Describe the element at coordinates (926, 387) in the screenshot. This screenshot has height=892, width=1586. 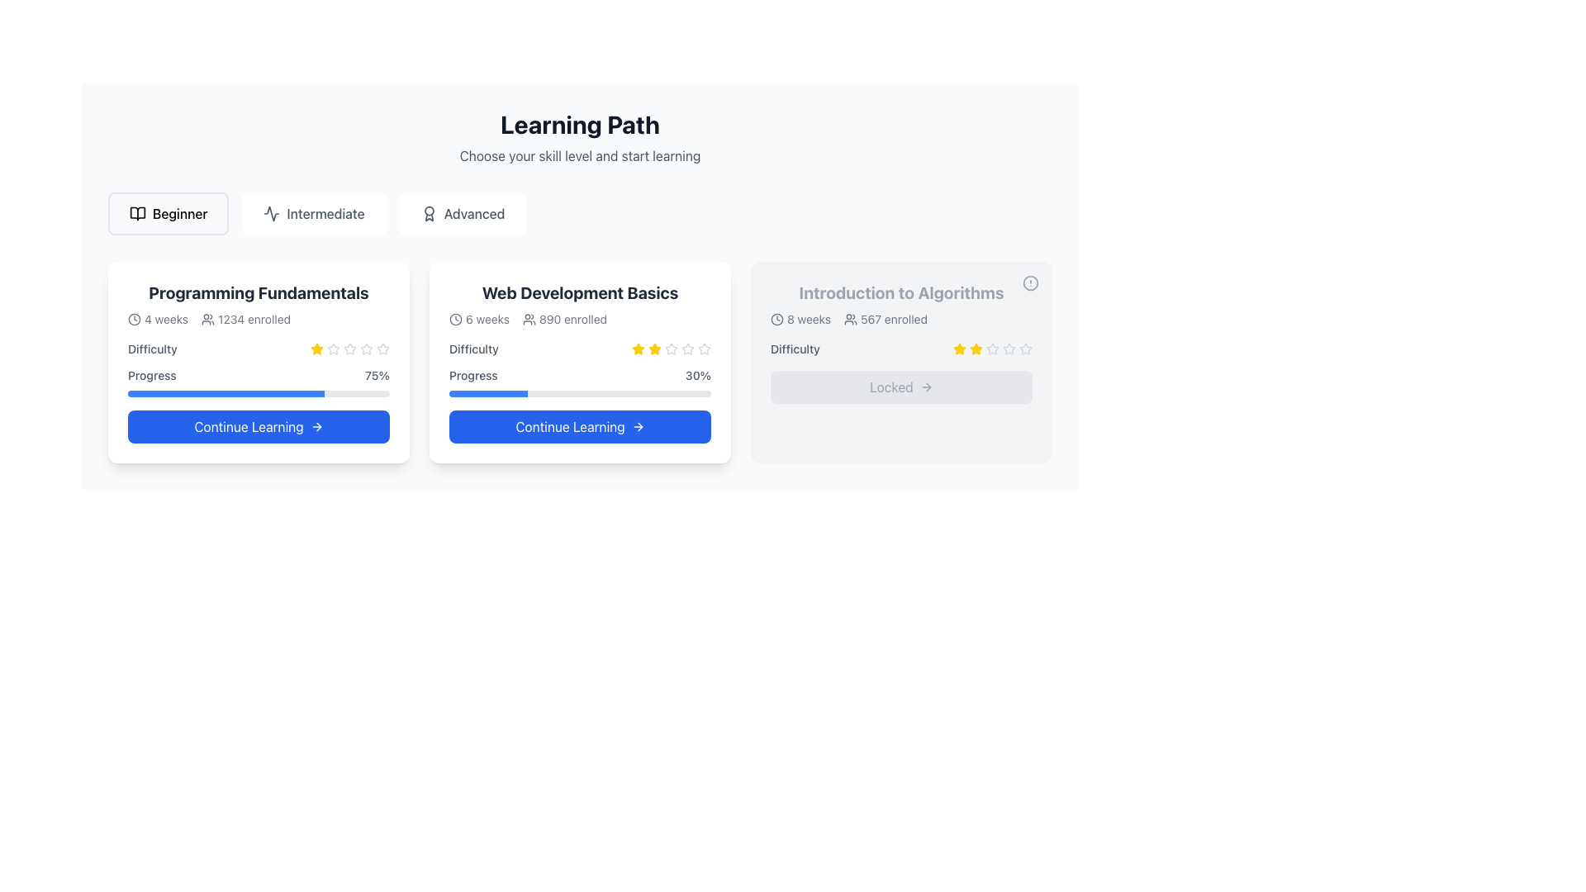
I see `the right-facing arrow icon within the 'Locked' button, which is styled with a gray stroke and is located at the center of the button's layout` at that location.